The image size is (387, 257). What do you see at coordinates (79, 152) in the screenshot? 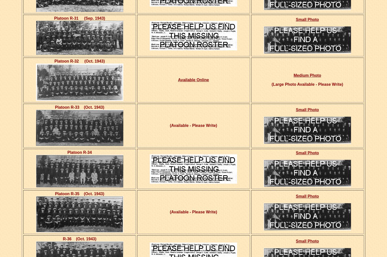
I see `'Platoon R-34'` at bounding box center [79, 152].